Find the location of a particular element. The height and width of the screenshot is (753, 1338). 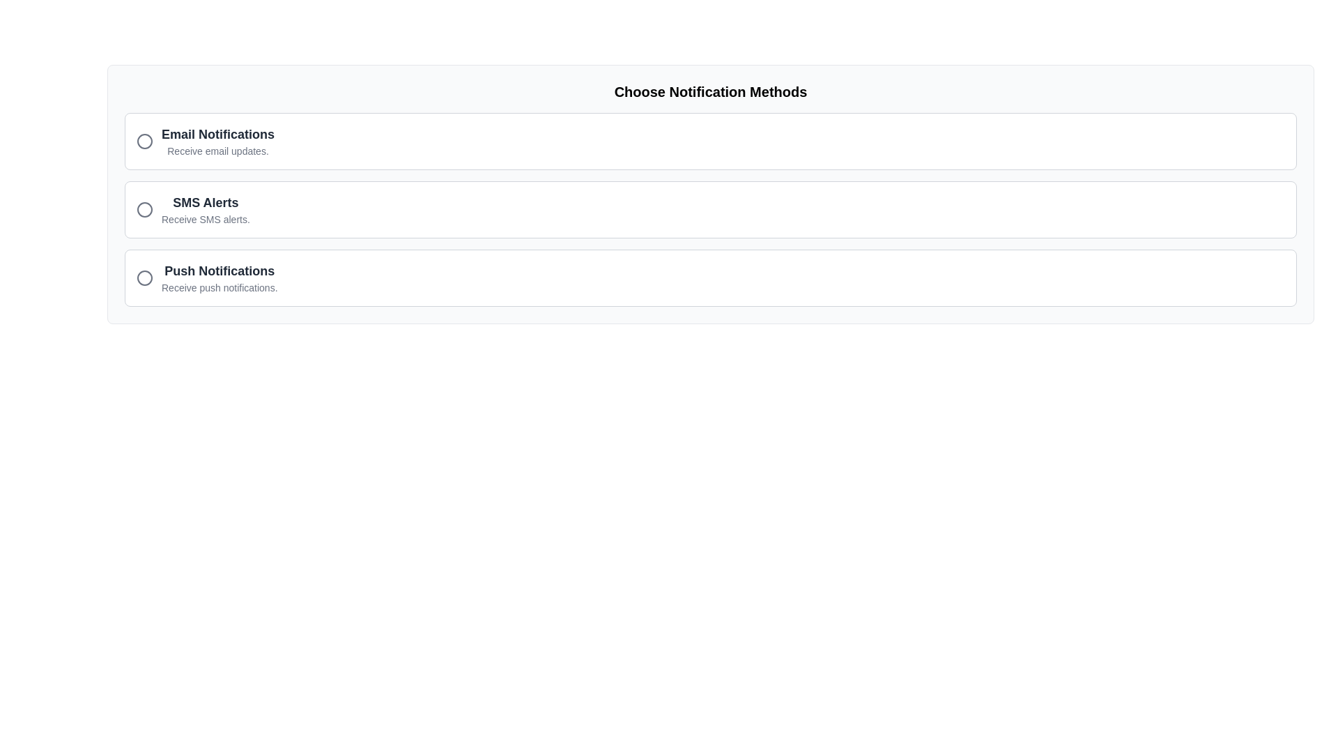

the 'Email Notifications' text label, which features a bold heading and descriptive subtext, located at the top of the notification methods list within a bordered card is located at coordinates (217, 142).